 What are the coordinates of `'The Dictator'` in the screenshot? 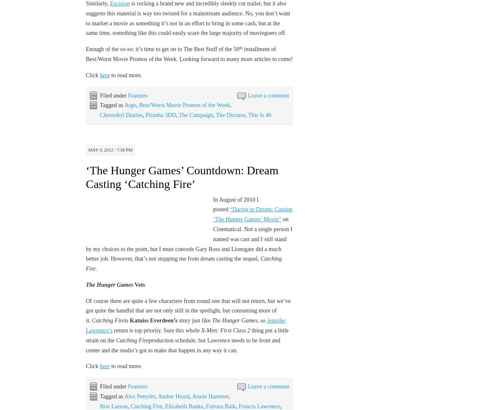 It's located at (230, 115).